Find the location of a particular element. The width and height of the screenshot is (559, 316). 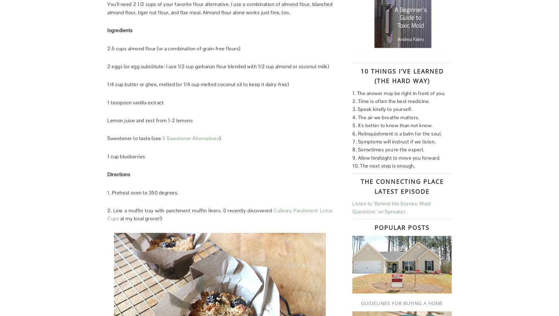

'1/4 cup butter or ghee, melted (or 1/4 cup melted coconut oil to keep it dairy-free)' is located at coordinates (198, 84).